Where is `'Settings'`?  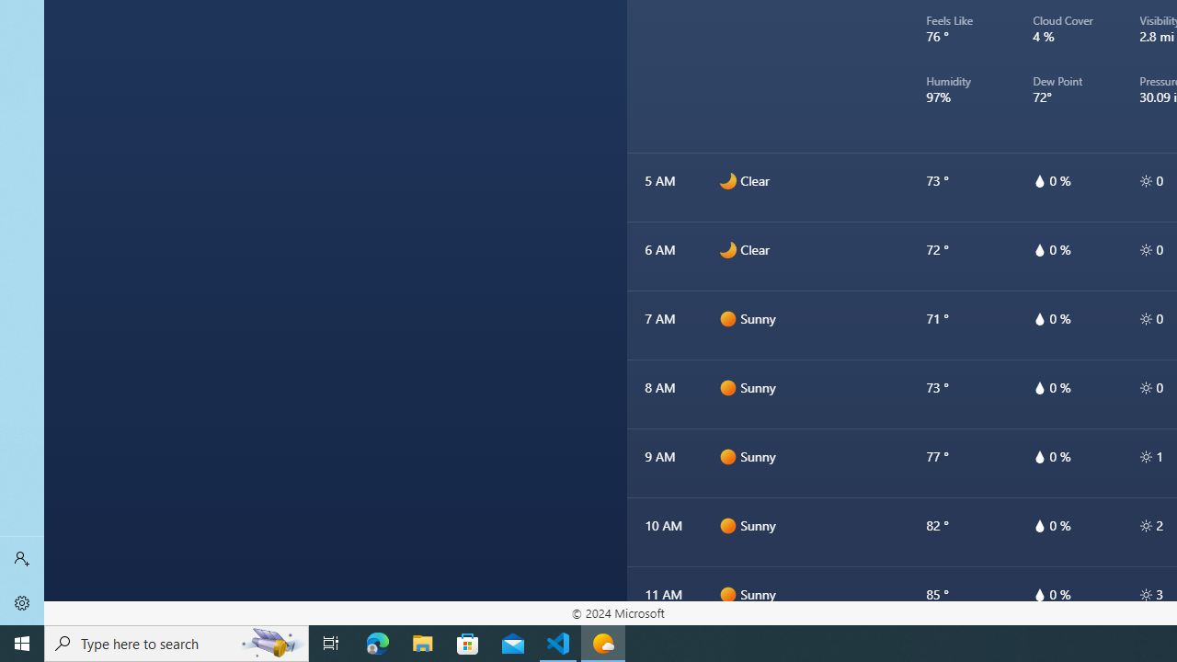
'Settings' is located at coordinates (22, 602).